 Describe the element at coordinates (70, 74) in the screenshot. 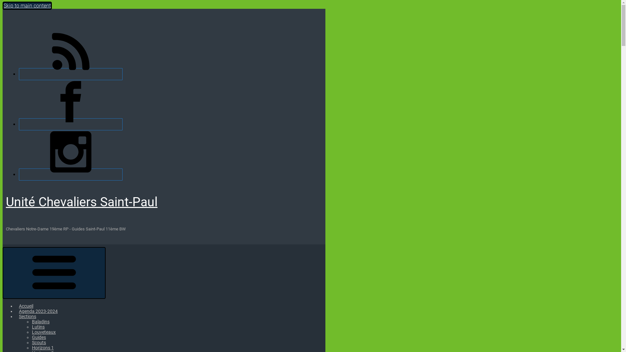

I see `'RSS Feed'` at that location.